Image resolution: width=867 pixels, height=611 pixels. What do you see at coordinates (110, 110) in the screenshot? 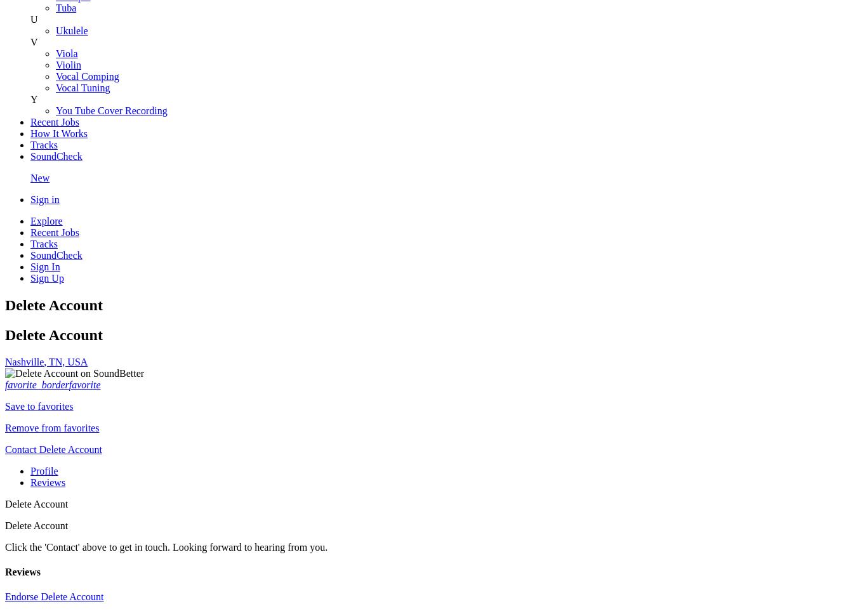
I see `'You Tube Cover Recording'` at bounding box center [110, 110].